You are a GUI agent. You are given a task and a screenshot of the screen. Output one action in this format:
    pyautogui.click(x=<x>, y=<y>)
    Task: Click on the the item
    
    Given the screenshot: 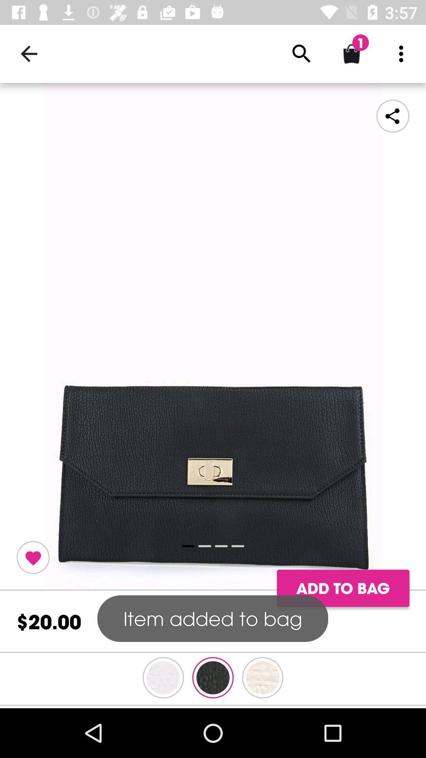 What is the action you would take?
    pyautogui.click(x=33, y=557)
    